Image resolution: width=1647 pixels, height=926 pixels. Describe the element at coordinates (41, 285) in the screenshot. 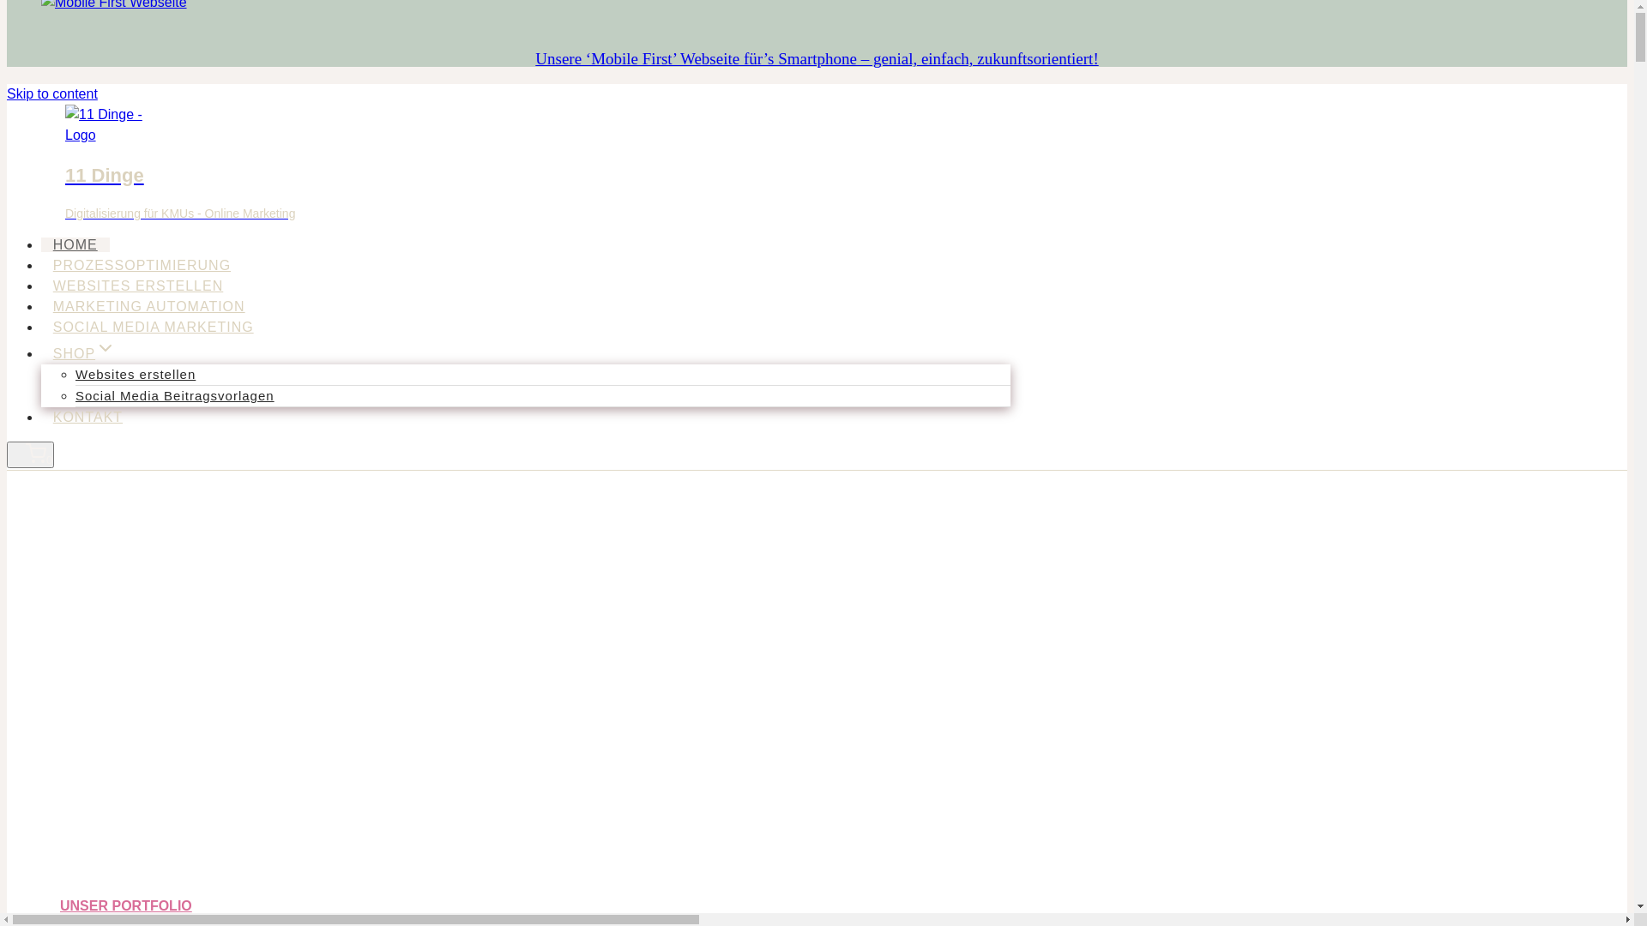

I see `'WEBSITES ERSTELLEN'` at that location.